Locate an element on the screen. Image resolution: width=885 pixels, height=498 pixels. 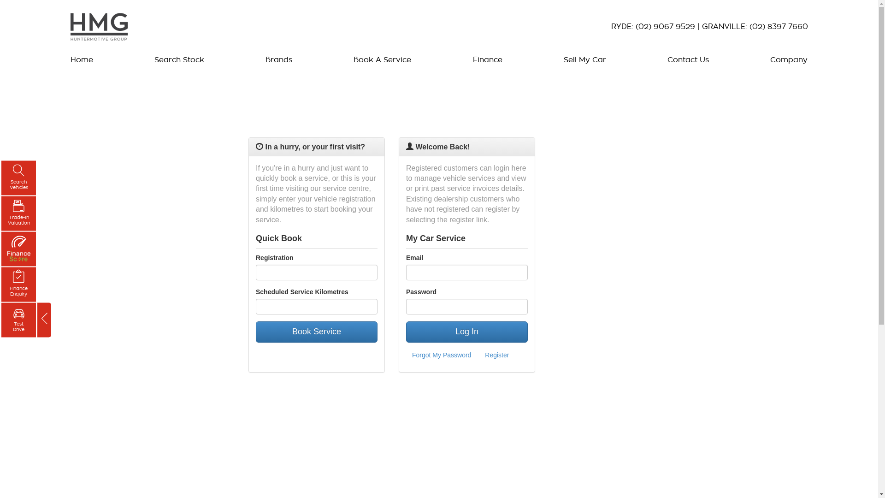
'Sell My Car' is located at coordinates (584, 60).